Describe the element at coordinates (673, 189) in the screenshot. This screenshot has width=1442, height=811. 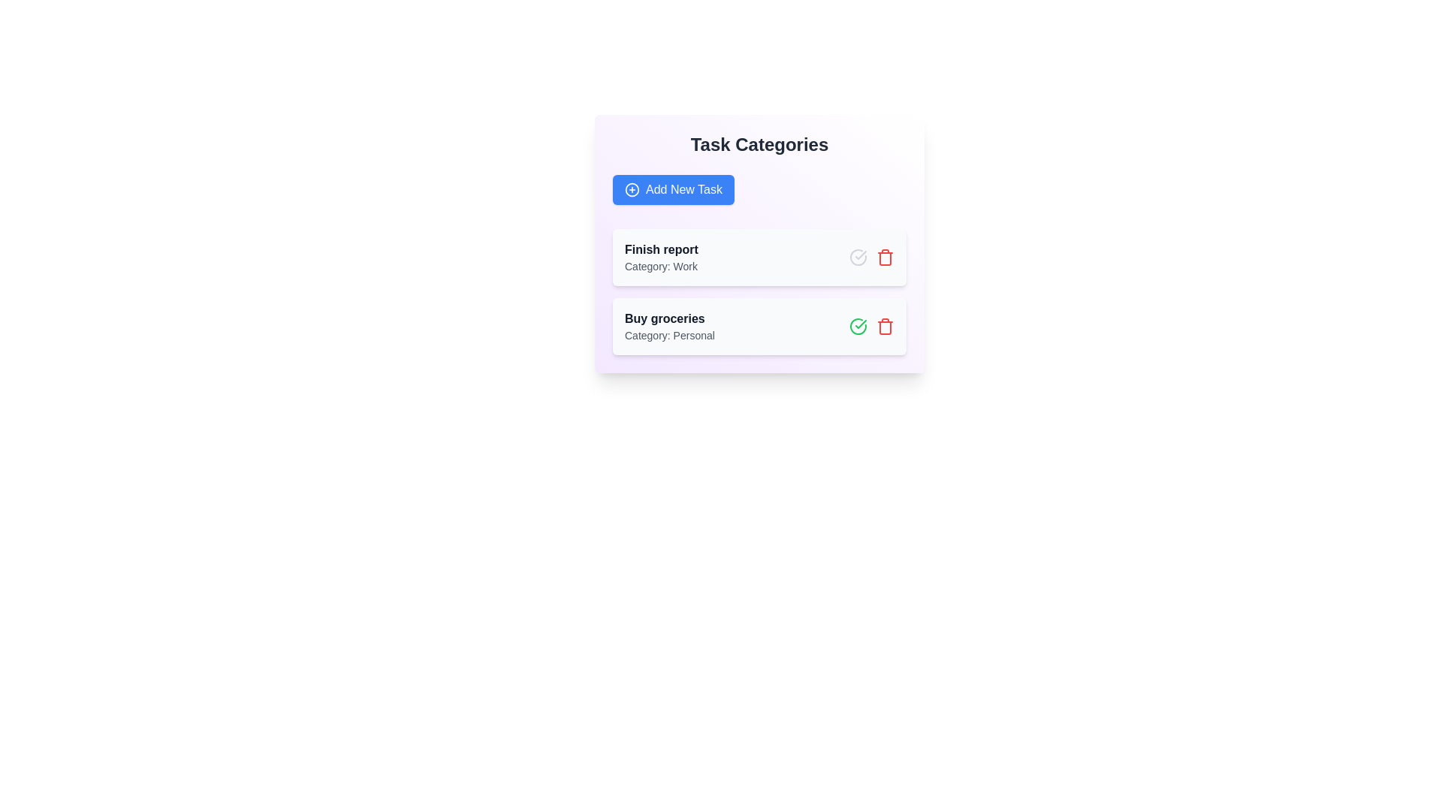
I see `the 'Add New Task' button` at that location.